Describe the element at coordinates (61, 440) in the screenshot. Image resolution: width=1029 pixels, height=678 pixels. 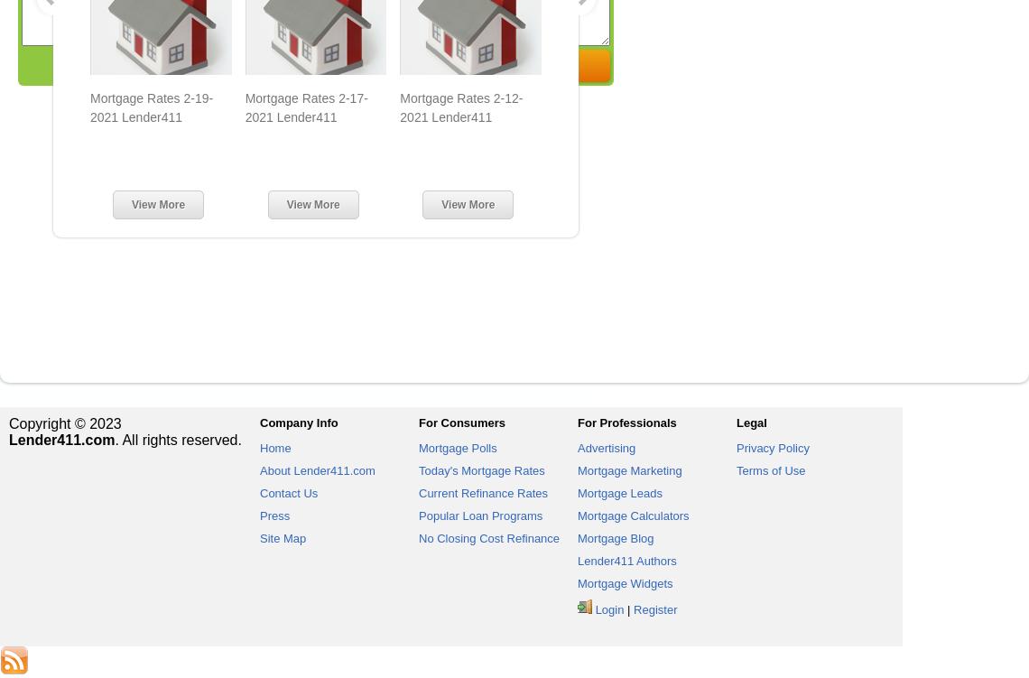
I see `'Lender411.com'` at that location.